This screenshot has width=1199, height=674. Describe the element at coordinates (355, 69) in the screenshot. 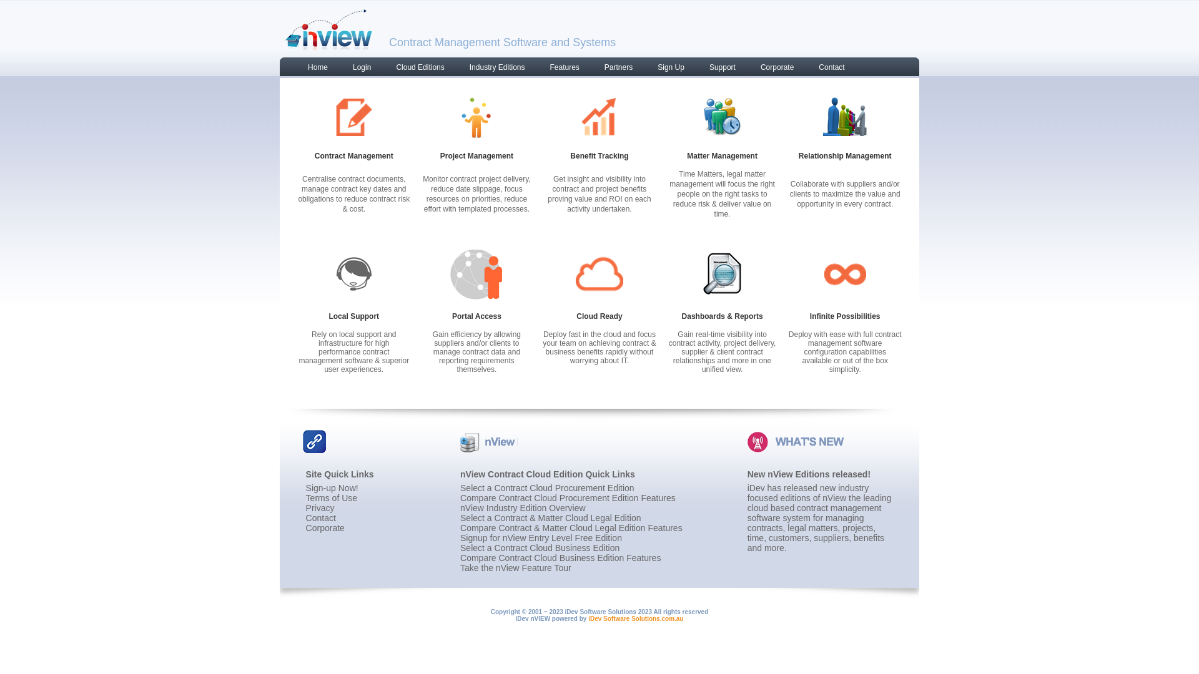

I see `'Login'` at that location.